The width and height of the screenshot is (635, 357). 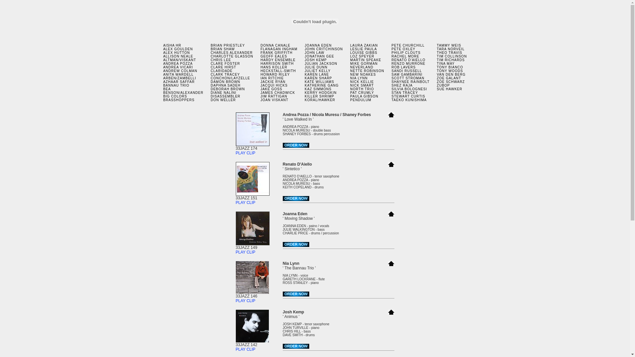 What do you see at coordinates (409, 89) in the screenshot?
I see `'SILVIA BOLOGNESI'` at bounding box center [409, 89].